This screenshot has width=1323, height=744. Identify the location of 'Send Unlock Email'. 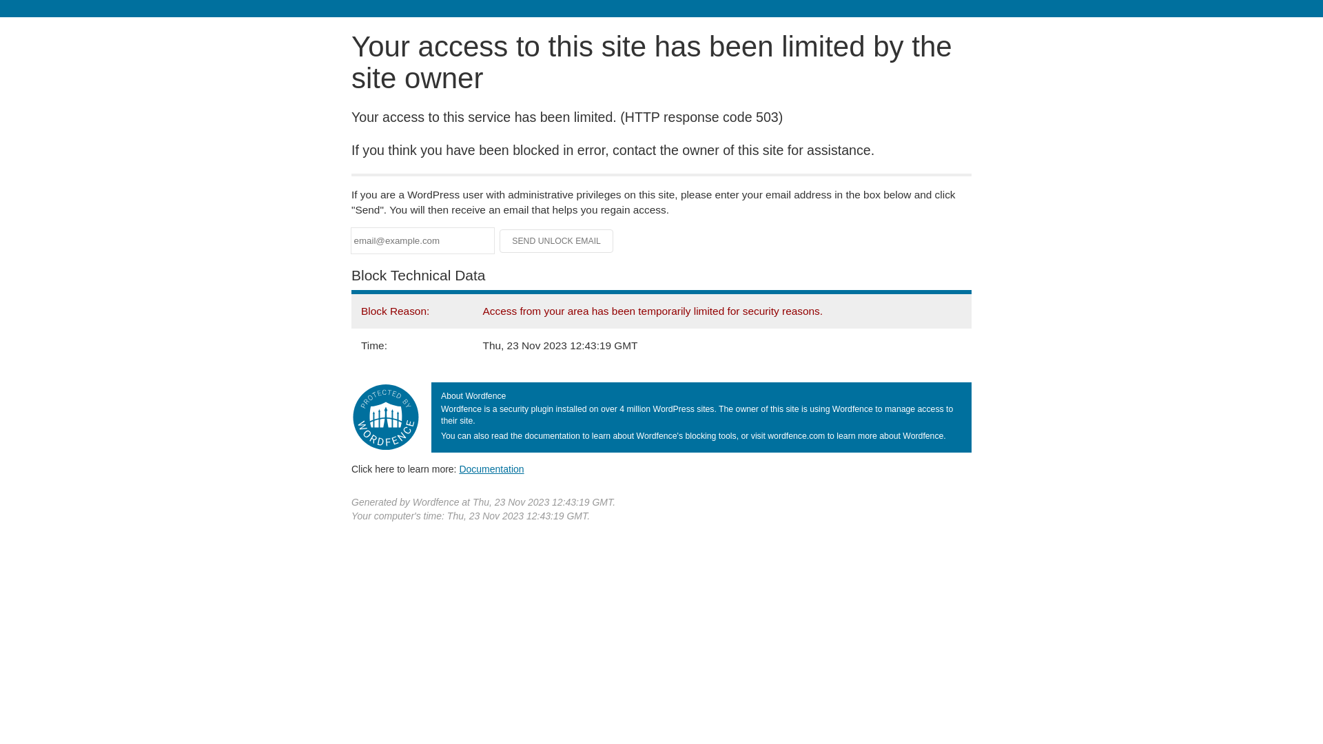
(498, 240).